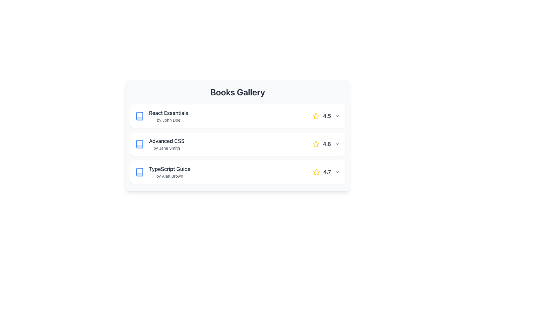 The image size is (560, 315). I want to click on the static text that reads 'by Jane Smith', which is a small, gray-colored text located directly below the bold title 'Advanced CSS', so click(166, 148).